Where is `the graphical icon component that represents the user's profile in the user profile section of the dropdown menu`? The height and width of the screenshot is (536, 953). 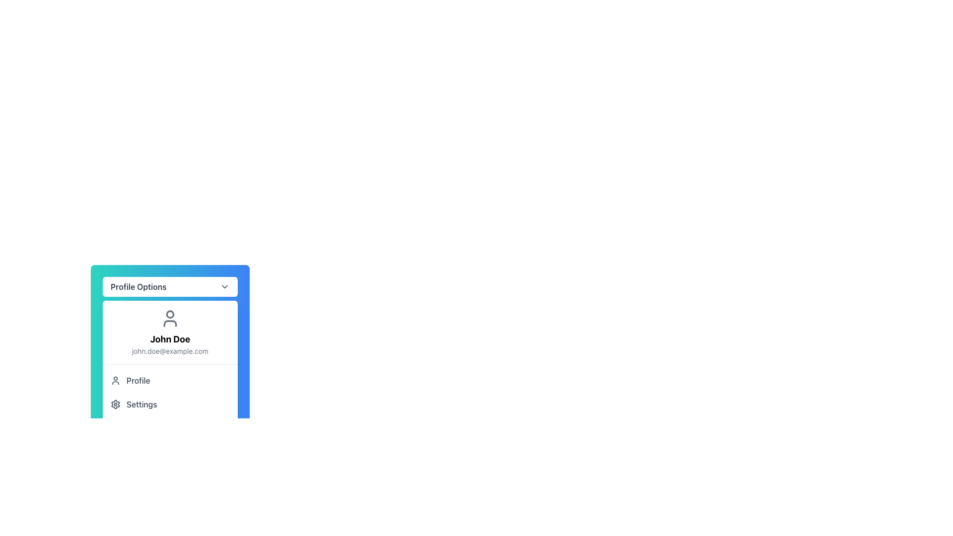
the graphical icon component that represents the user's profile in the user profile section of the dropdown menu is located at coordinates (170, 323).